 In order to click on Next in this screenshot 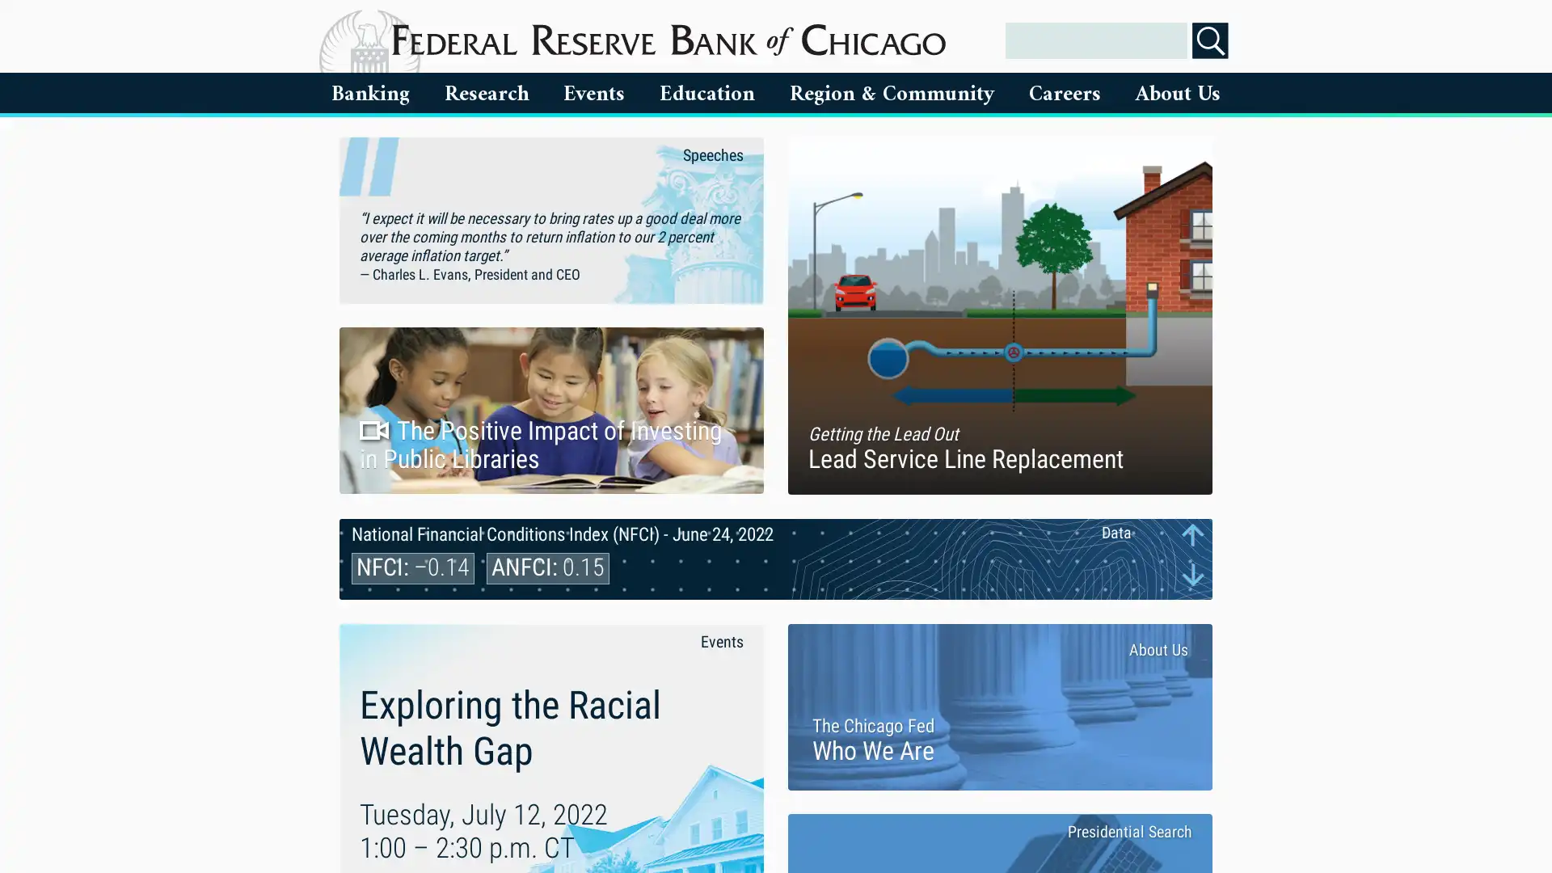, I will do `click(1193, 573)`.